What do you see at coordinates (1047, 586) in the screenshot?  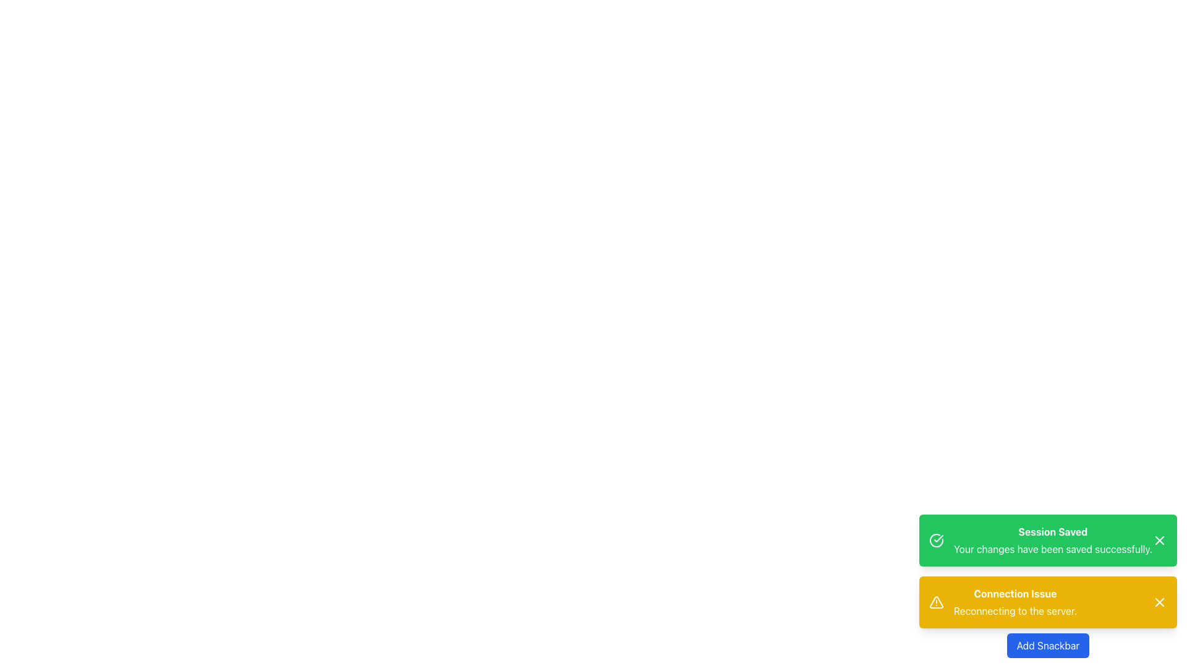 I see `notification displayed in the yellow notification bar that contains the bold title 'Connection Issue'` at bounding box center [1047, 586].